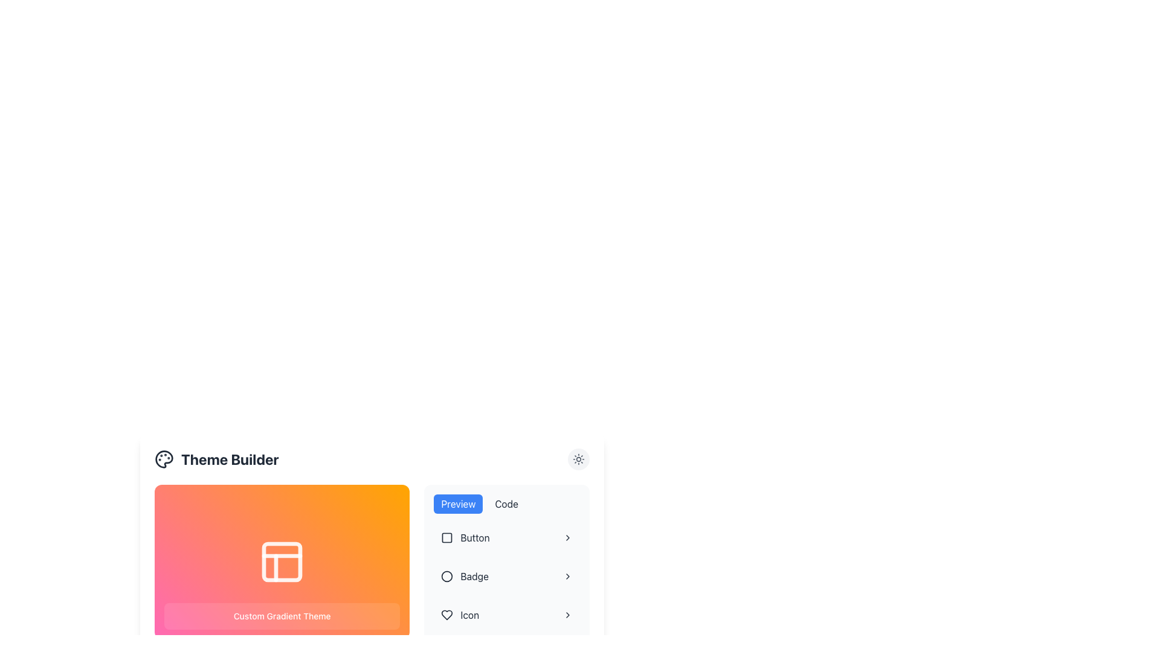 This screenshot has width=1160, height=652. I want to click on the Label or Informational Box titled 'Custom Gradient Theme' located at the bottom of the gradient-colored card, so click(282, 616).